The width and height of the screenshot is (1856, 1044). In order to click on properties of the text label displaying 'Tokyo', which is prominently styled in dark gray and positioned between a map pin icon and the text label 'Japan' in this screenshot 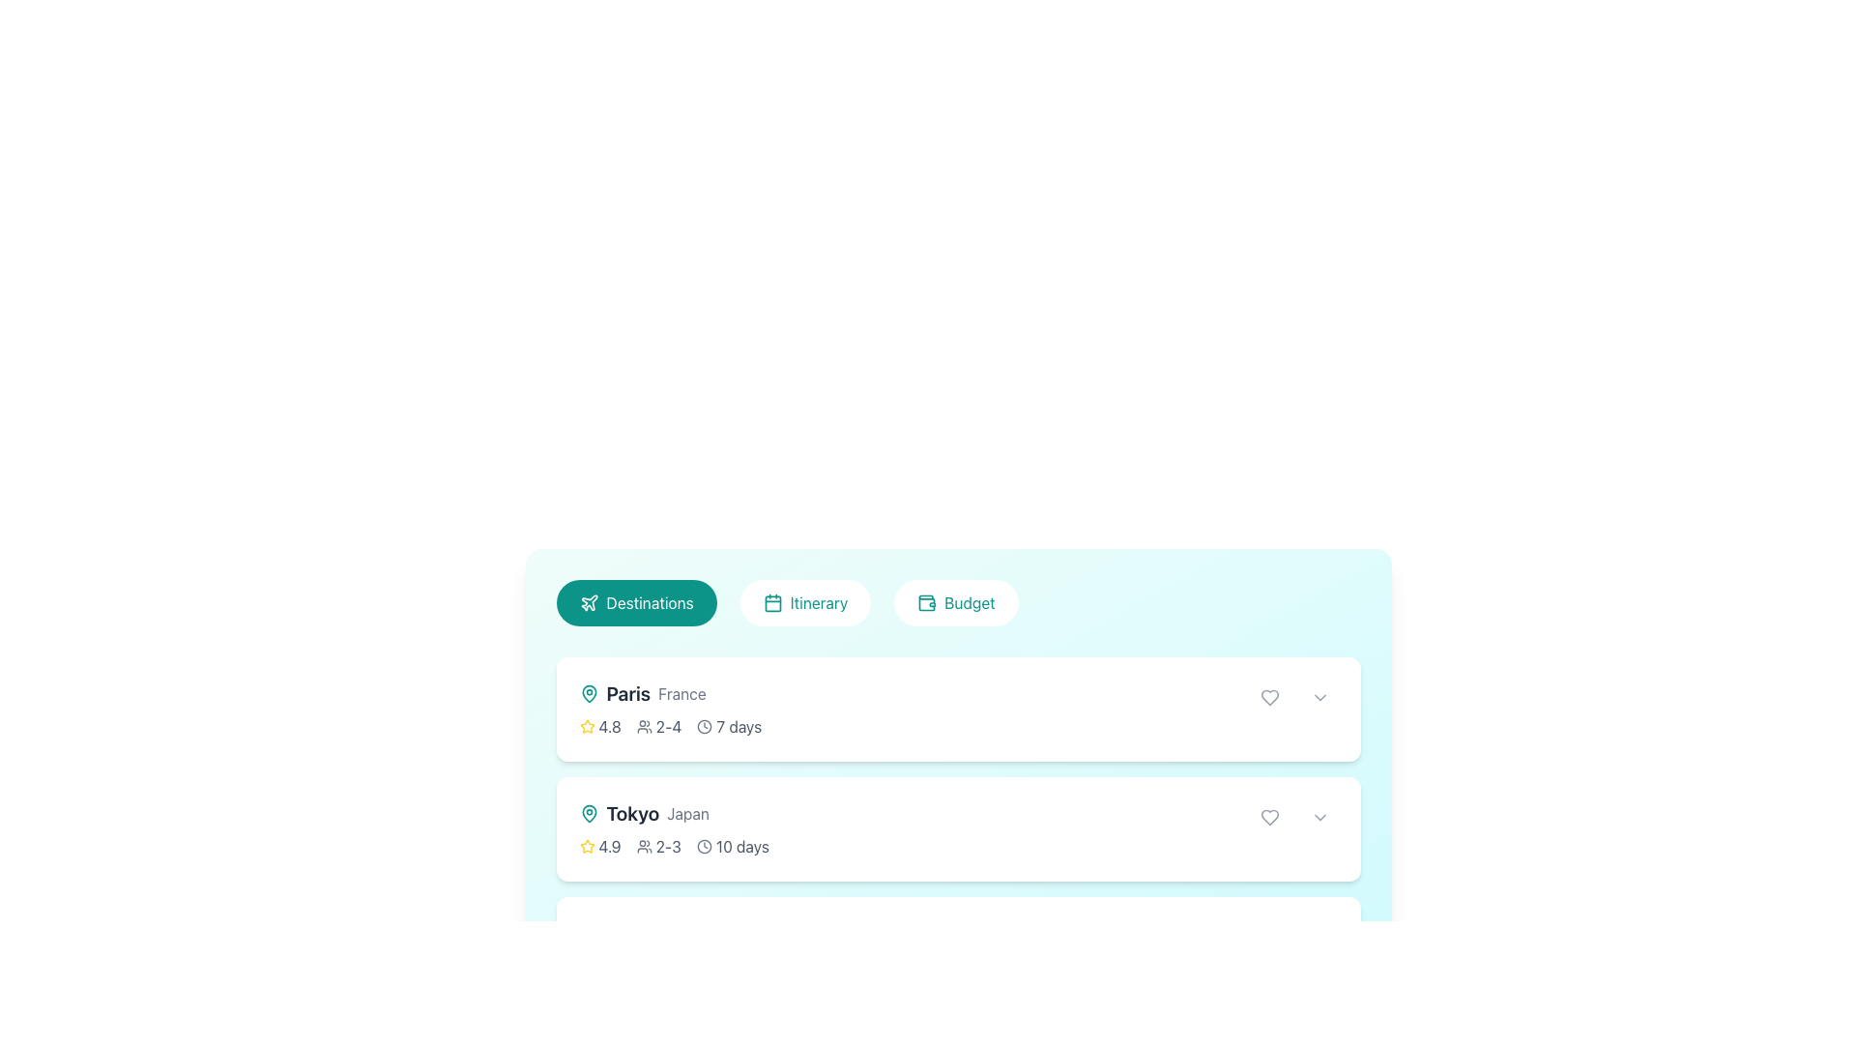, I will do `click(632, 813)`.